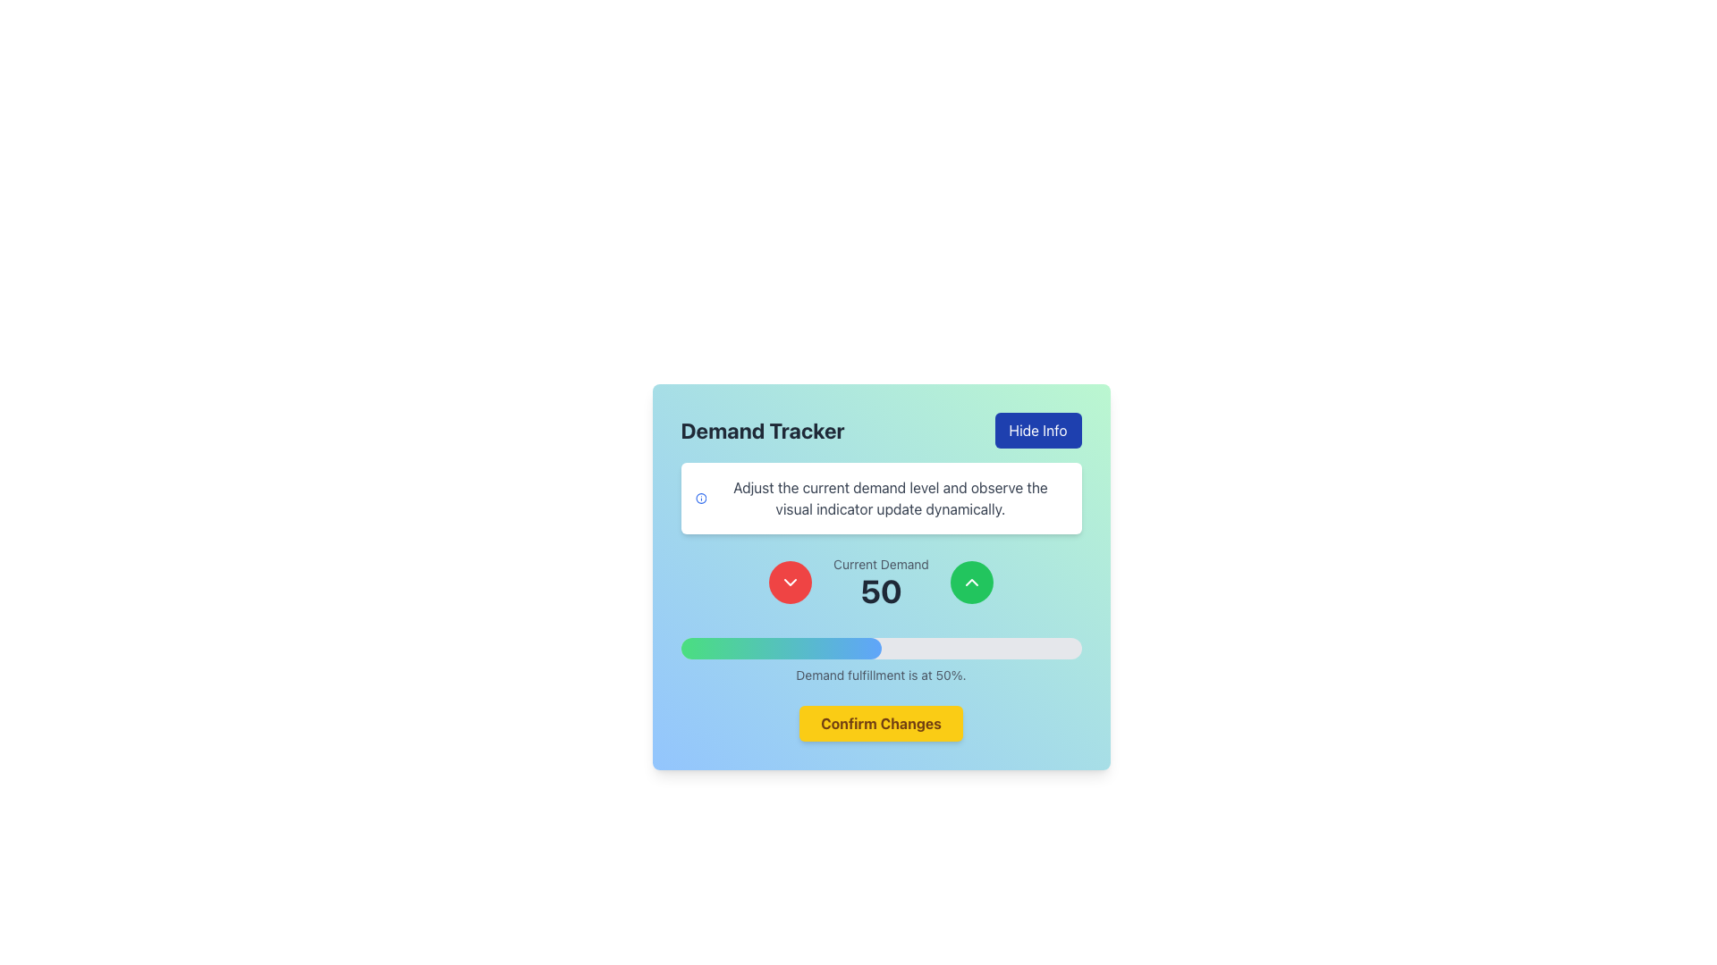  What do you see at coordinates (699, 499) in the screenshot?
I see `the circular blue information icon located to the left of the instructive text within the horizontally-aligned group` at bounding box center [699, 499].